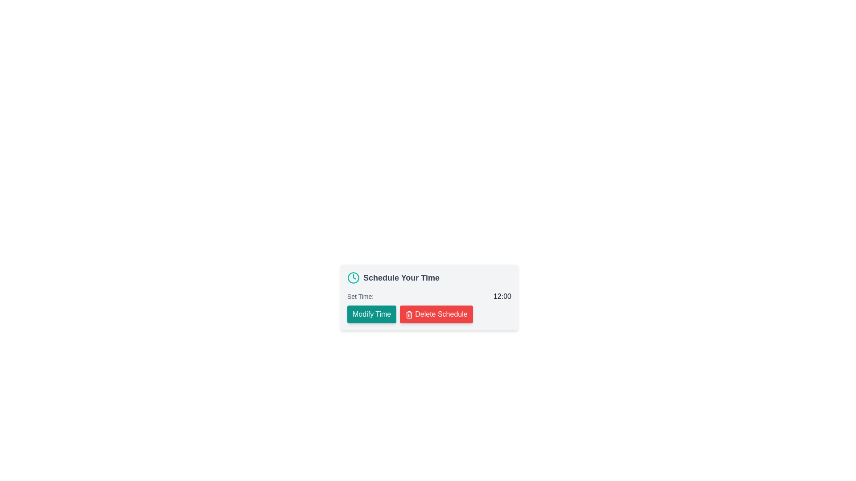 This screenshot has height=481, width=856. I want to click on the red 'Delete Schedule' button that contains a small trash can icon, so click(409, 314).